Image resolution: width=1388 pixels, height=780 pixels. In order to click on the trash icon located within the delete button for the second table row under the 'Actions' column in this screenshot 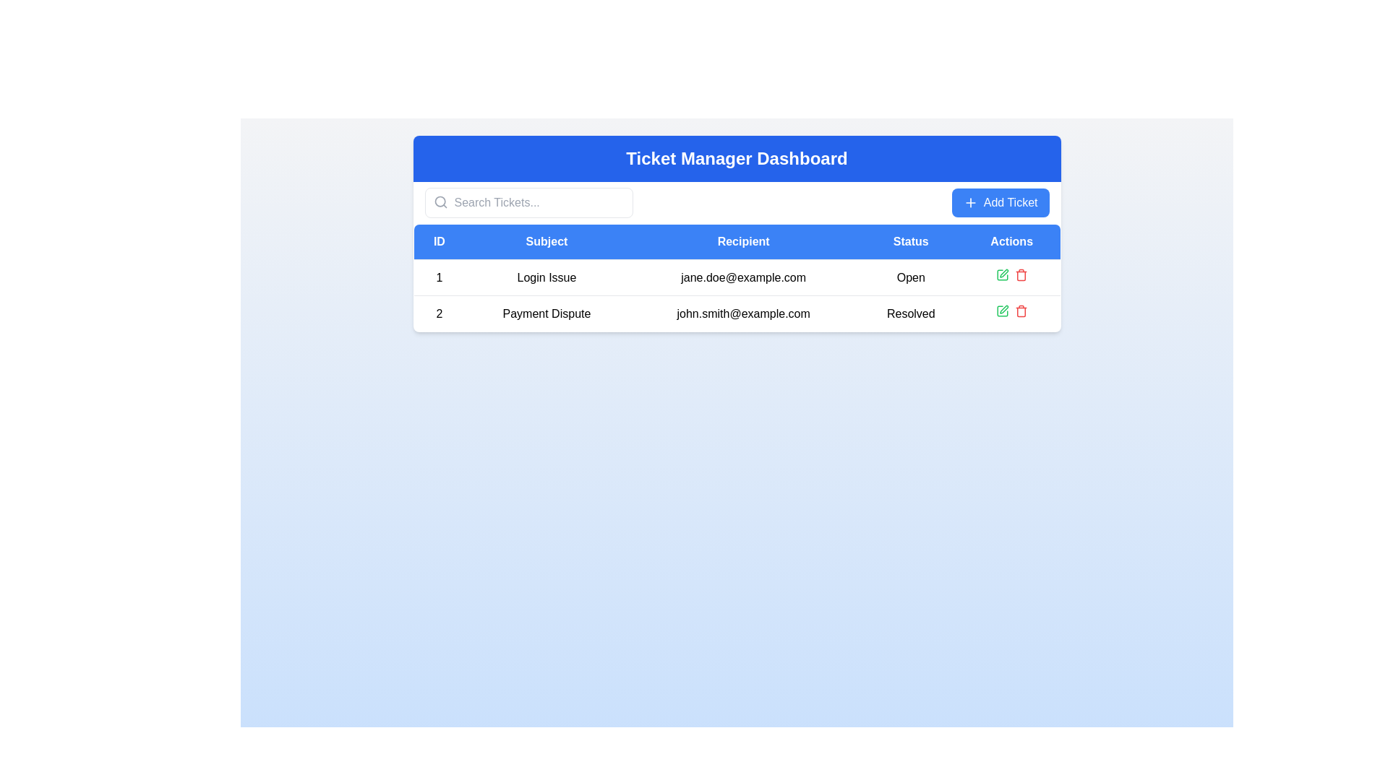, I will do `click(1020, 276)`.